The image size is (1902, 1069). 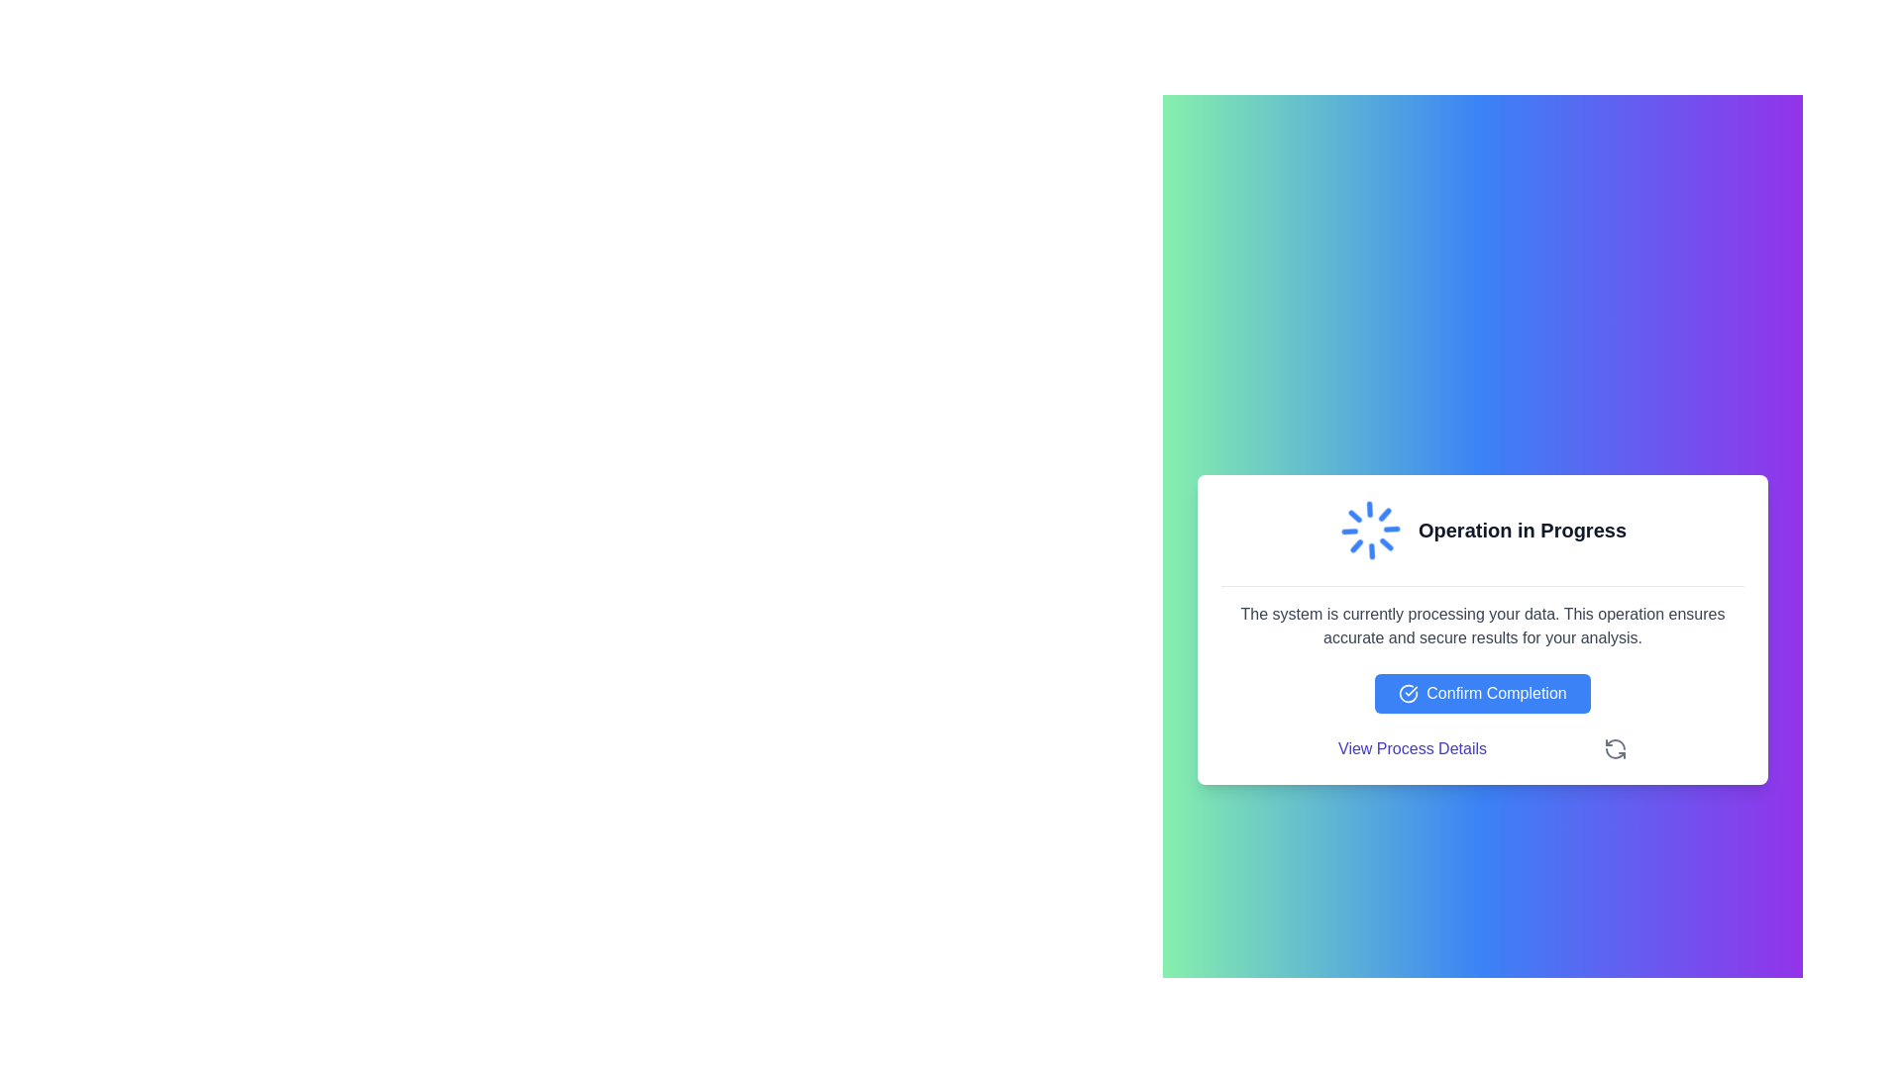 What do you see at coordinates (1369, 529) in the screenshot?
I see `the circular animated blue loader icon displayed in the central upper part of the message box with the text 'Operation in Progress'` at bounding box center [1369, 529].